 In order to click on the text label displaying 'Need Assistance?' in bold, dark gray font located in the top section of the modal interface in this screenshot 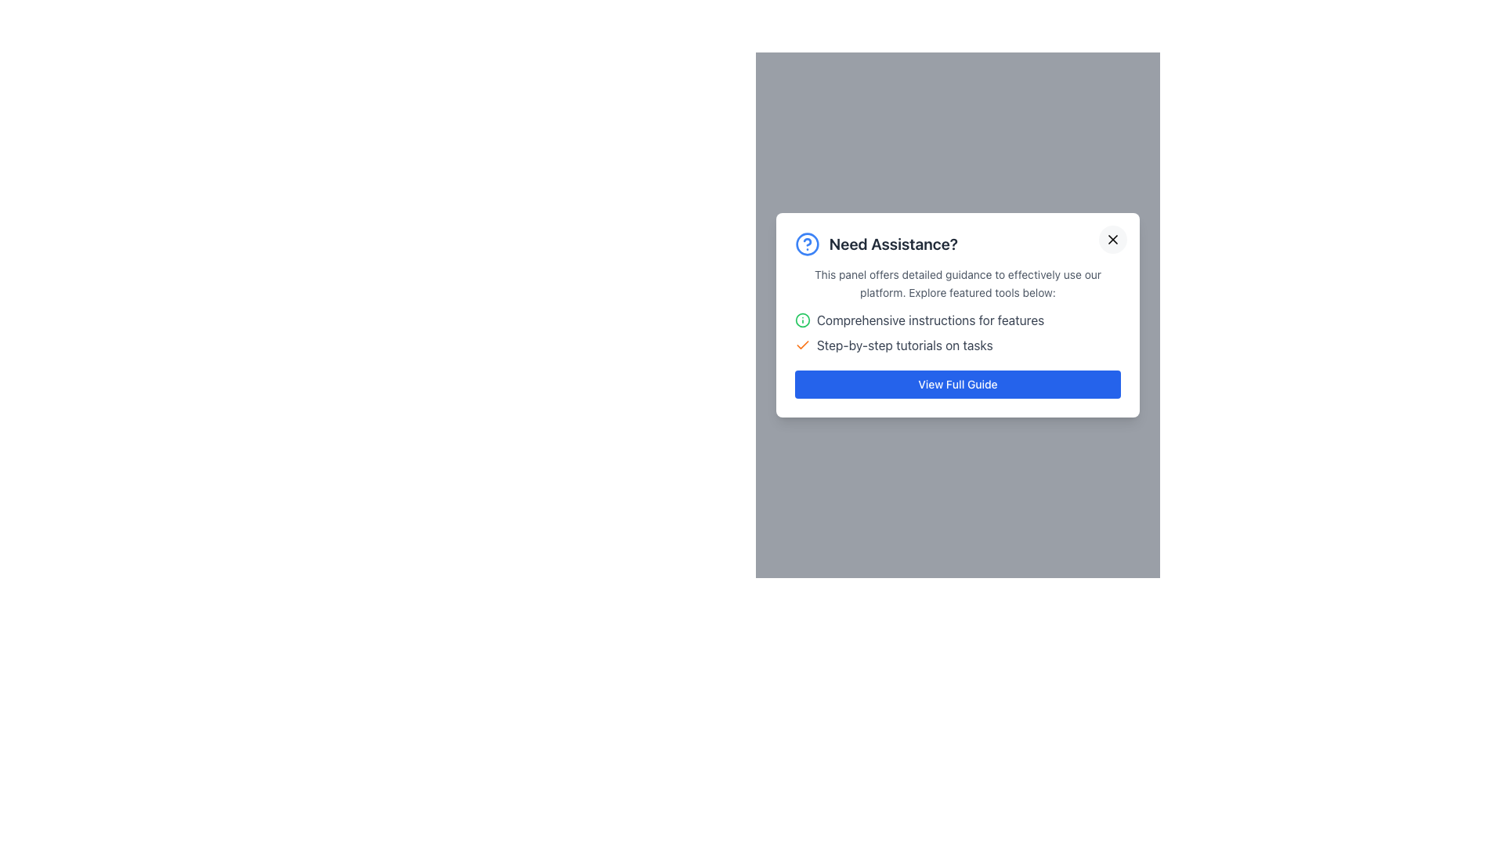, I will do `click(893, 244)`.